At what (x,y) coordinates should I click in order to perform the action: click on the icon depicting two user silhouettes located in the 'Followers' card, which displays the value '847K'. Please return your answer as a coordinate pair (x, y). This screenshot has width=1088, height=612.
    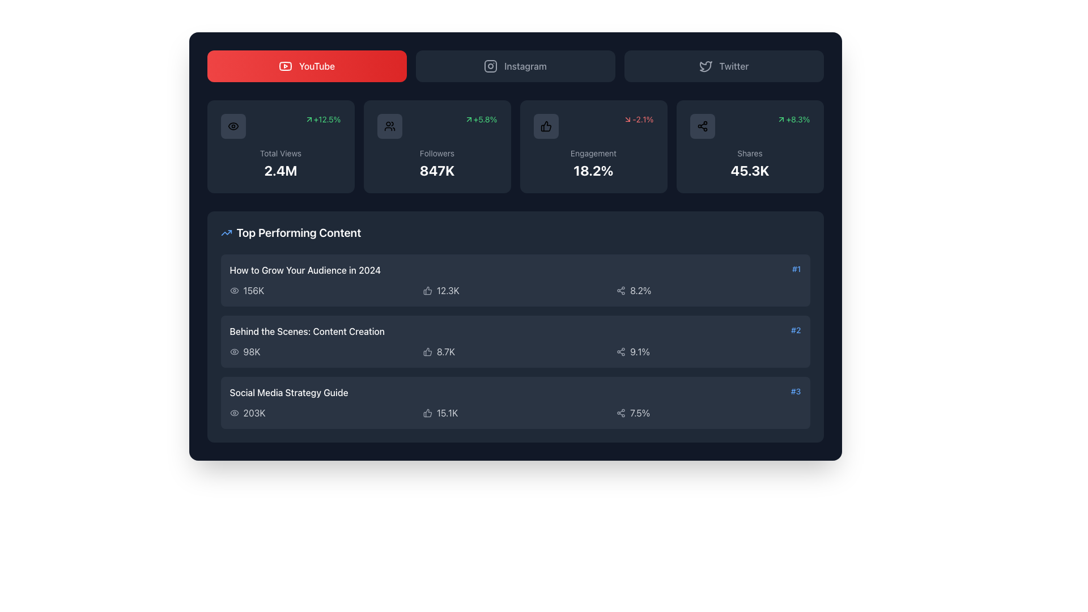
    Looking at the image, I should click on (389, 126).